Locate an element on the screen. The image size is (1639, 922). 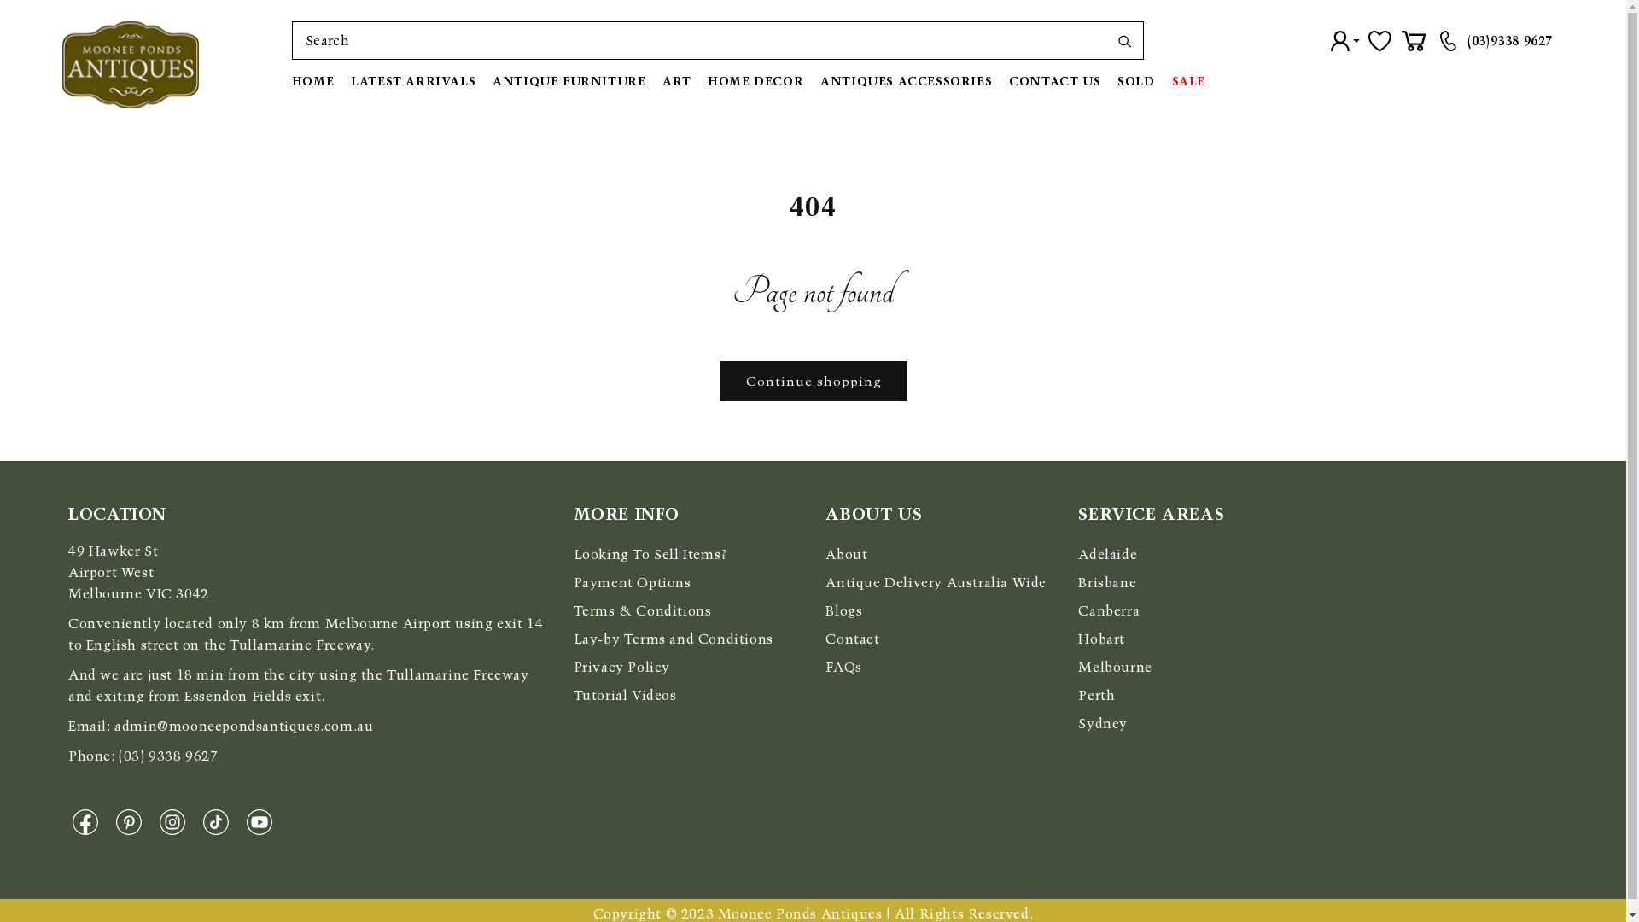
'Contact' is located at coordinates (852, 639).